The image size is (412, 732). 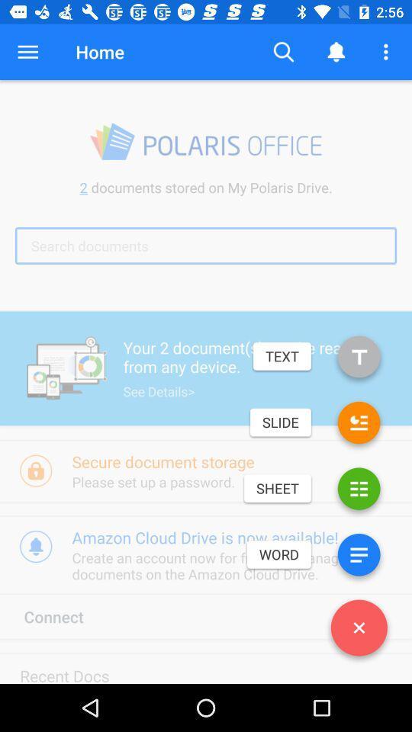 What do you see at coordinates (359, 631) in the screenshot?
I see `click red x` at bounding box center [359, 631].